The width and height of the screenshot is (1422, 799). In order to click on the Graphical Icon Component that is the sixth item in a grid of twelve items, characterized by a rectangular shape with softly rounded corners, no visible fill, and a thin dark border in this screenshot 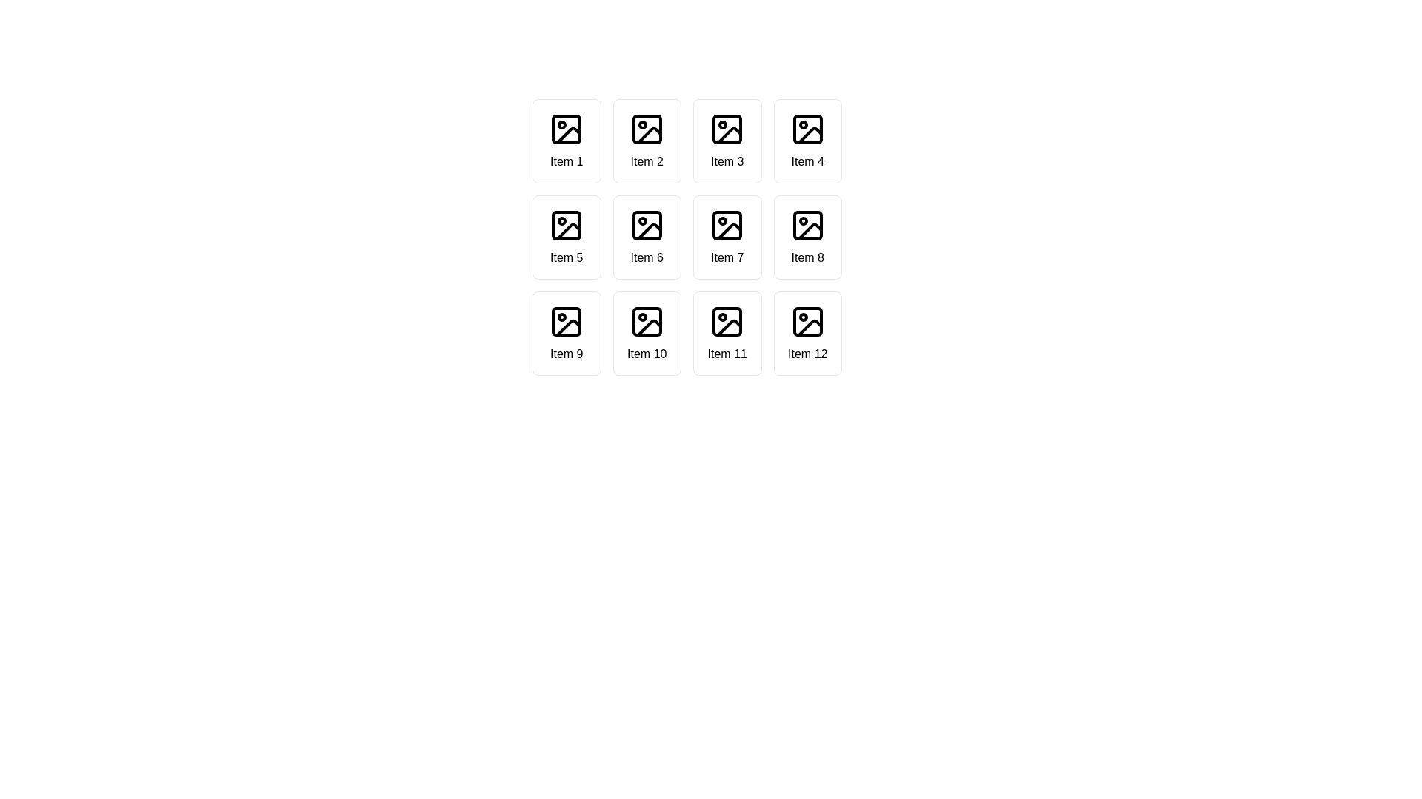, I will do `click(647, 225)`.